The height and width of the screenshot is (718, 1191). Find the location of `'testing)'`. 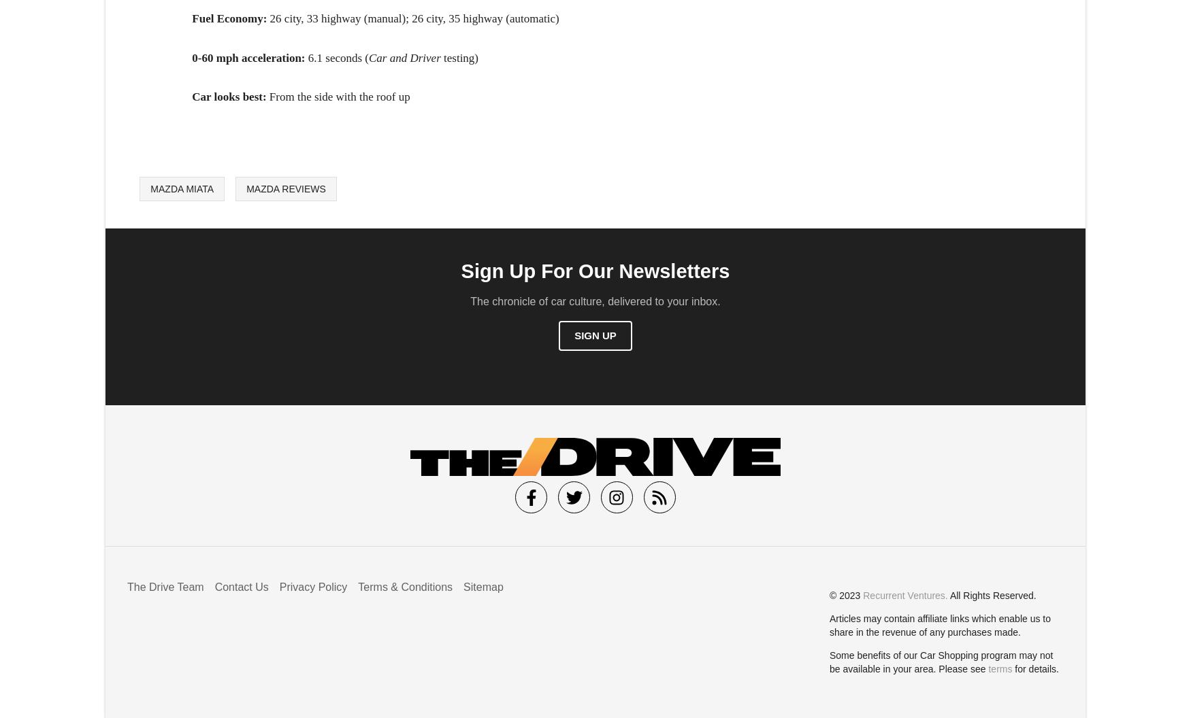

'testing)' is located at coordinates (458, 56).